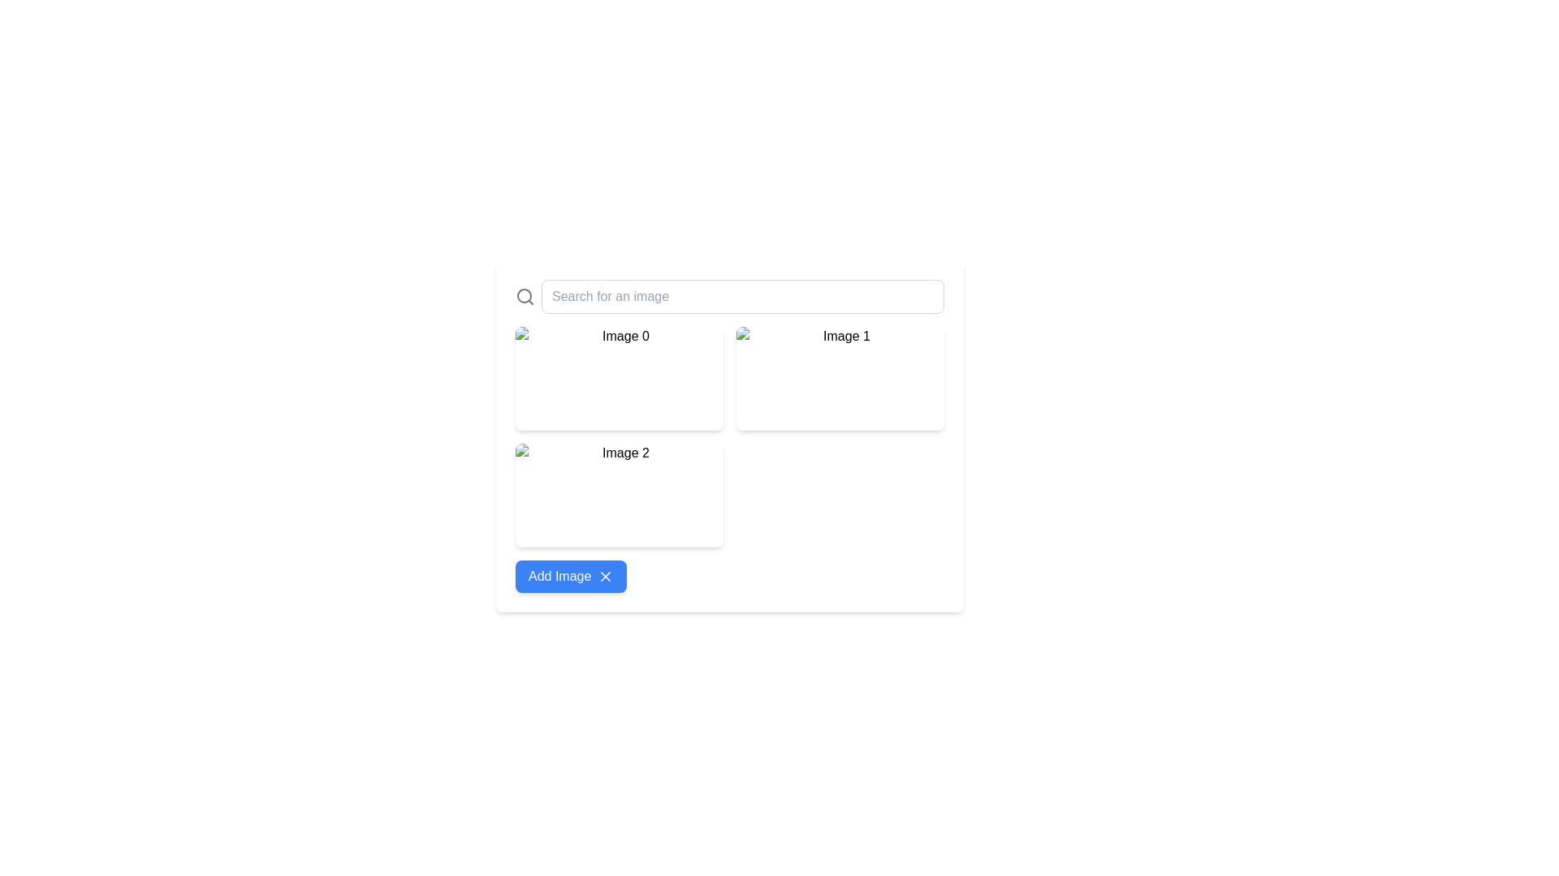 Image resolution: width=1559 pixels, height=876 pixels. What do you see at coordinates (605, 575) in the screenshot?
I see `the 'x' icon, which signifies a close or cancel action, located adjacent to the 'Add Image' button at the bottom of the interface` at bounding box center [605, 575].